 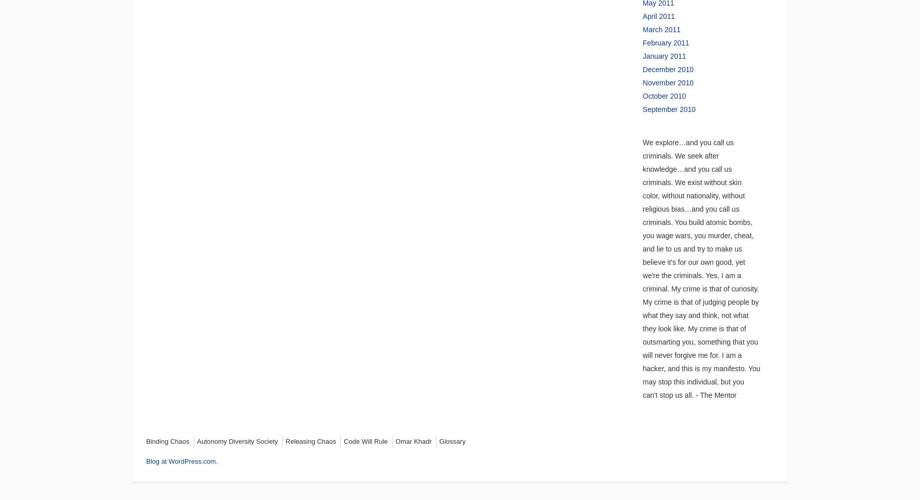 What do you see at coordinates (700, 268) in the screenshot?
I see `'We explore…and you call us criminals. We seek after knowledge…and you call us criminals. We exist without skin color, without nationality, without religious bias…and you call us criminals. You build atomic bombs, you wage wars, you murder, cheat, and lie to us and try to make us believe it's for our own good, yet we're the criminals. Yes, I am a criminal. My crime is that of curiosity. My crime is that of judging people by what they say and think, not what they look like. My crime is that of outsmarting you, something that you will never forgive me for. I am a hacker, and this is my manifesto. You may stop this individual, but you can't stop us all. - The Mentor'` at bounding box center [700, 268].